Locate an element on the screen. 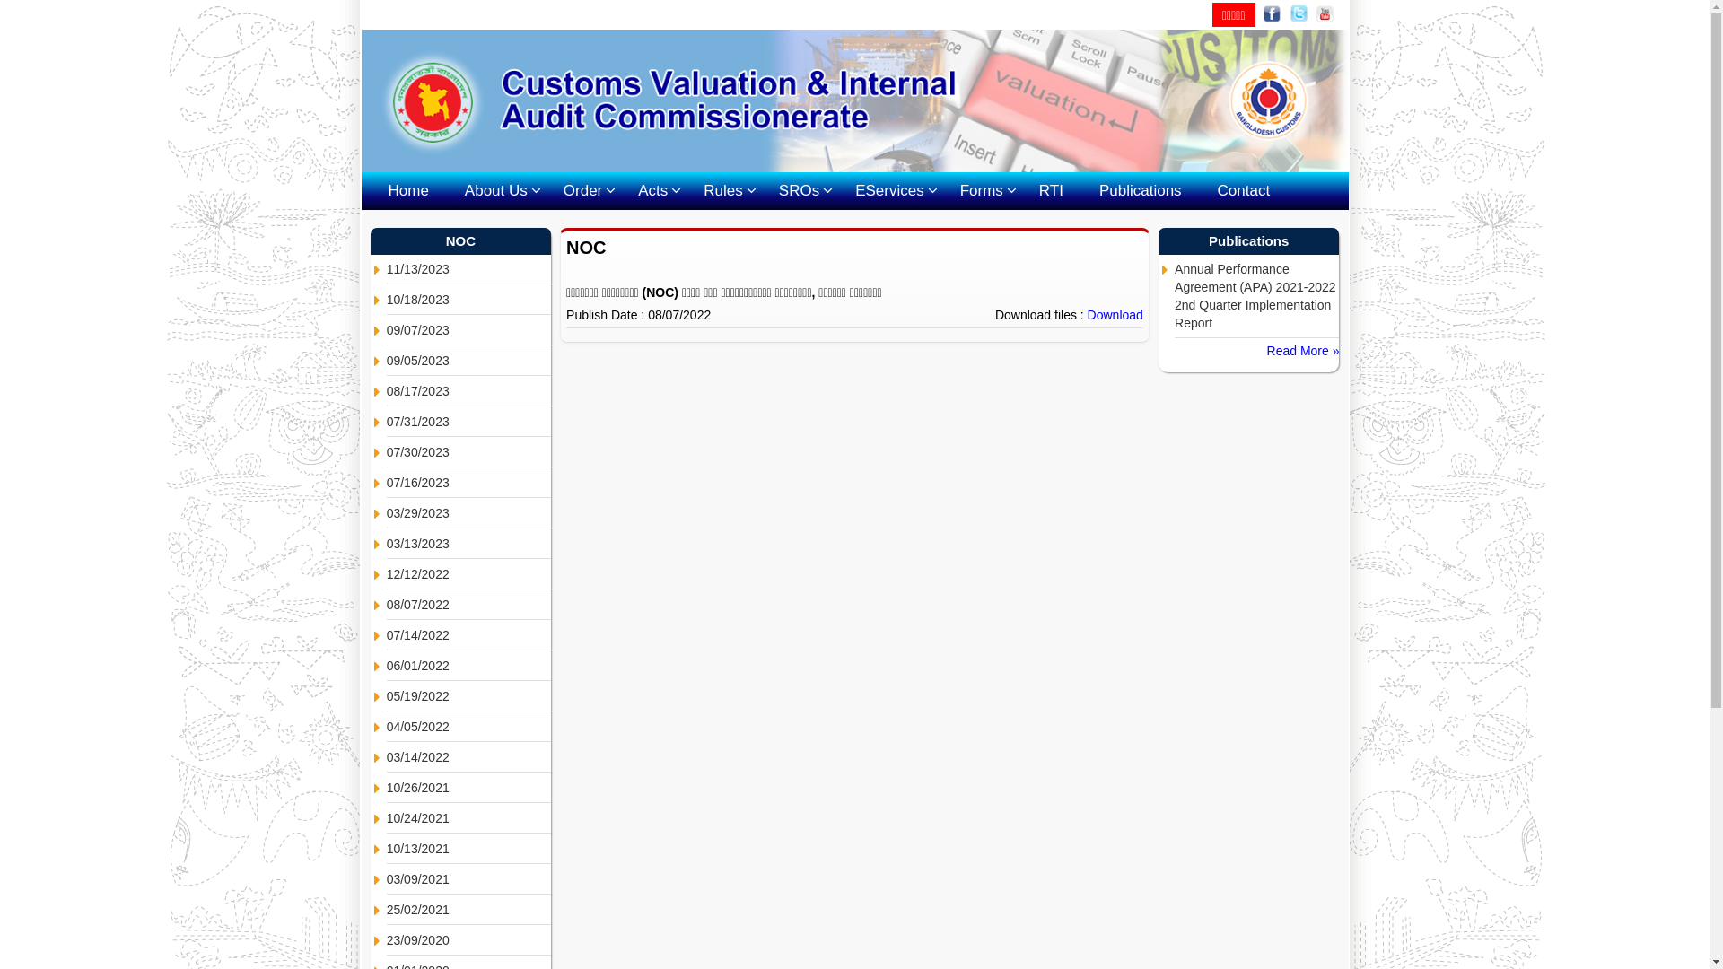 The image size is (1723, 969). '03/09/2021' is located at coordinates (386, 878).